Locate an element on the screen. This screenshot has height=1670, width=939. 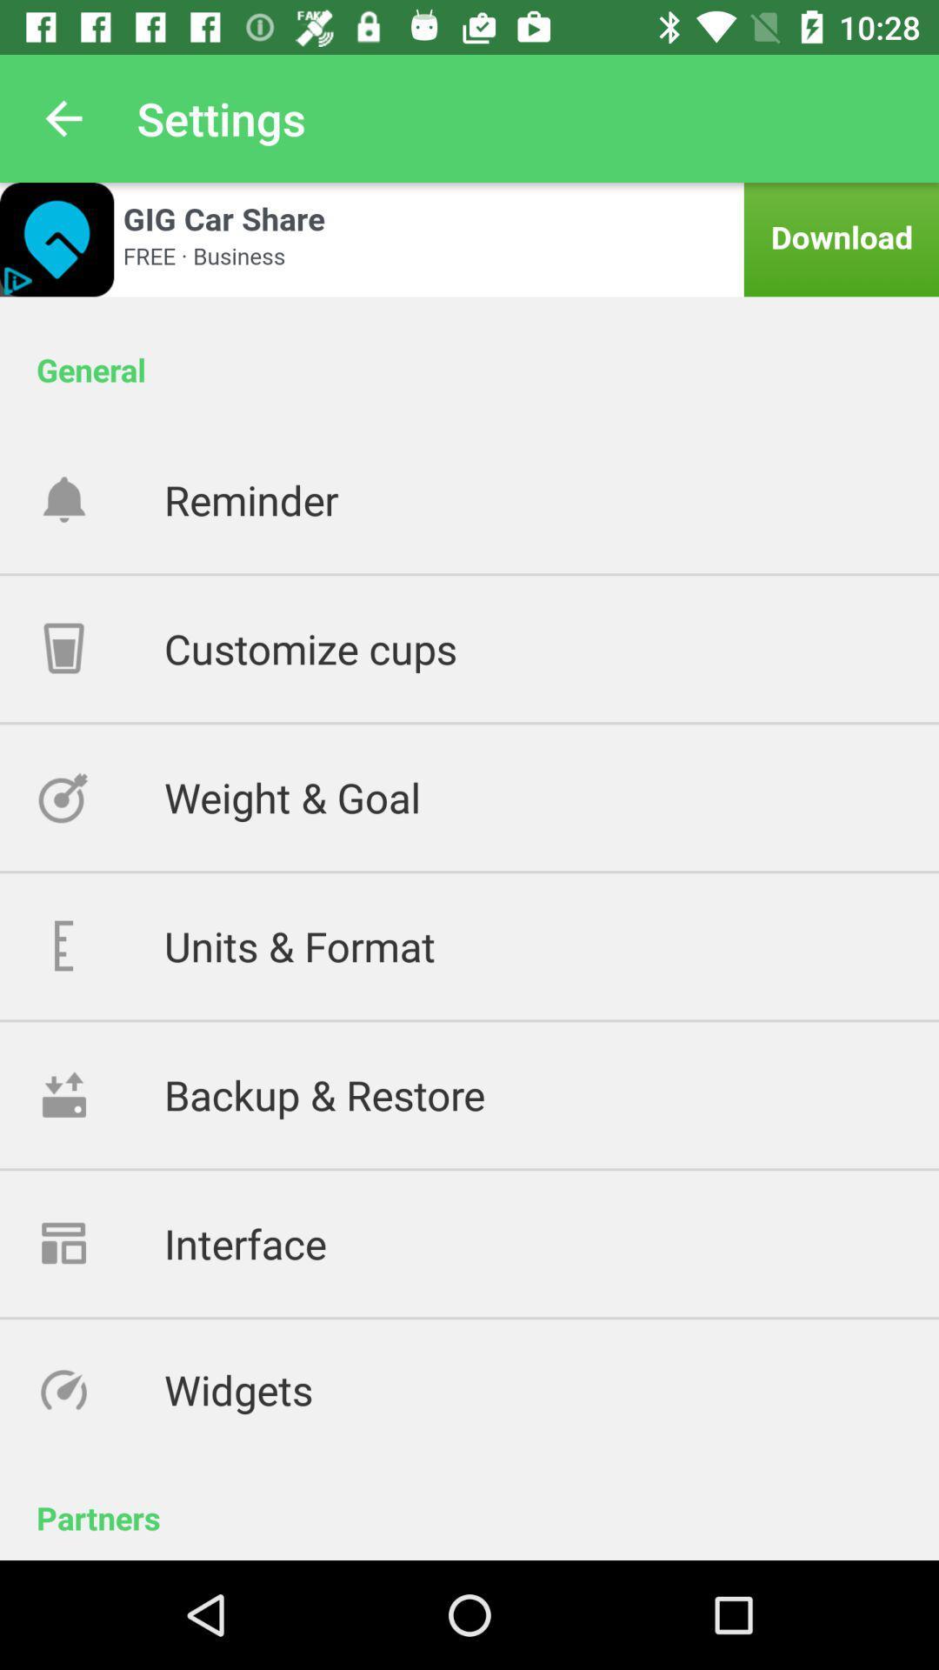
the icon beside widgets is located at coordinates (100, 1388).